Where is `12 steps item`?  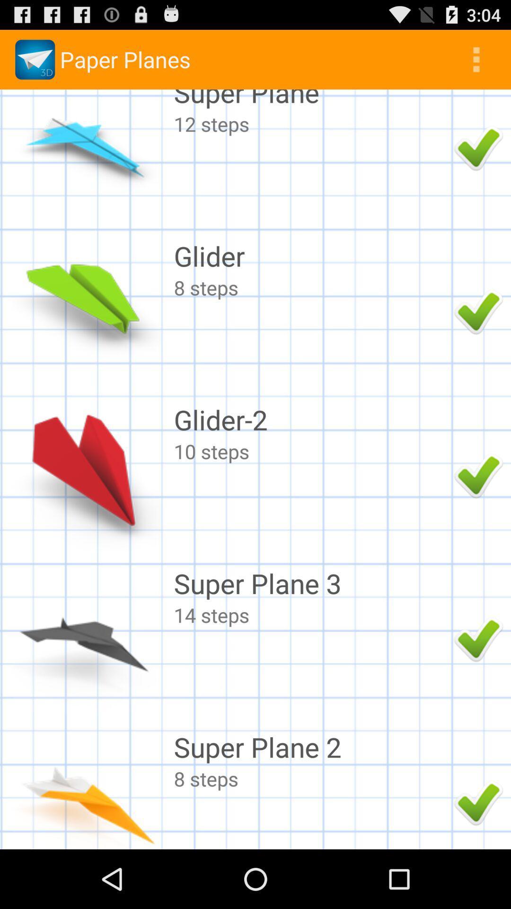
12 steps item is located at coordinates (311, 123).